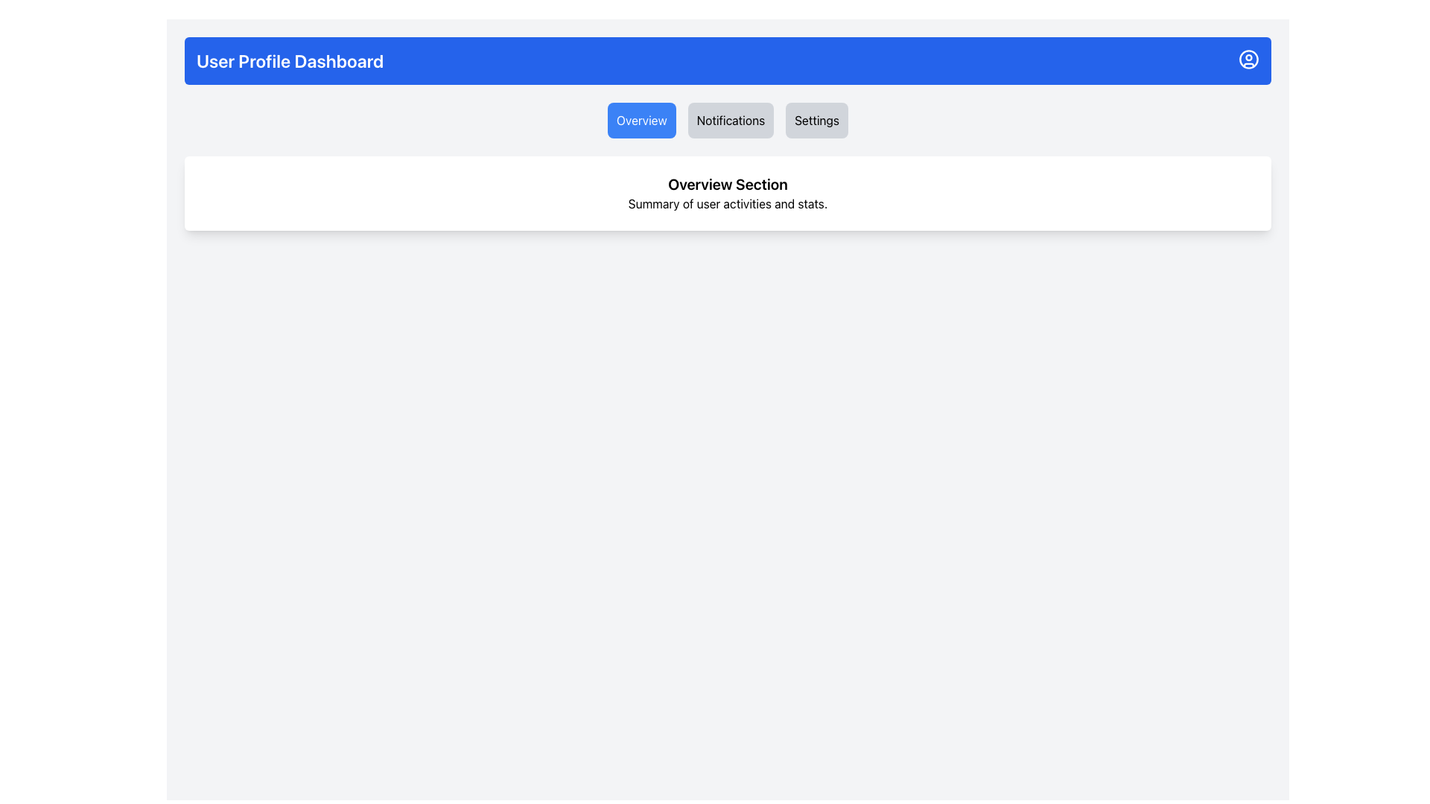  What do you see at coordinates (641, 120) in the screenshot?
I see `the blue 'Overview' button with white text at the top of the User Profile Dashboard` at bounding box center [641, 120].